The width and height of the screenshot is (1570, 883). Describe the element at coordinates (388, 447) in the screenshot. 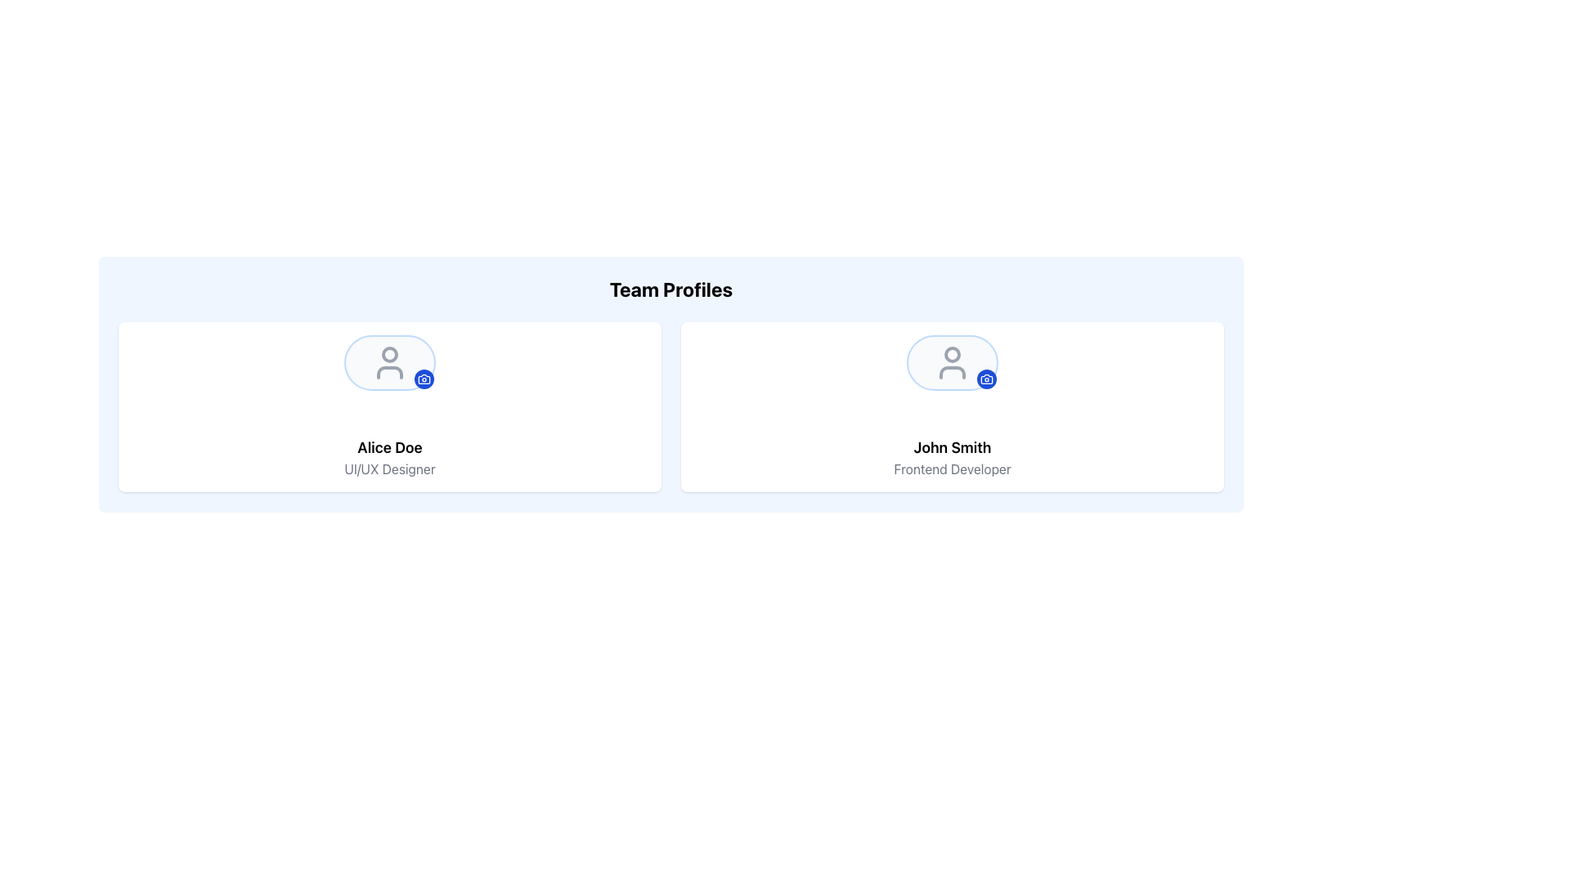

I see `the text label displaying 'Alice Doe' in bold, located at the bottom of the left profile card under 'Team Profiles'` at that location.